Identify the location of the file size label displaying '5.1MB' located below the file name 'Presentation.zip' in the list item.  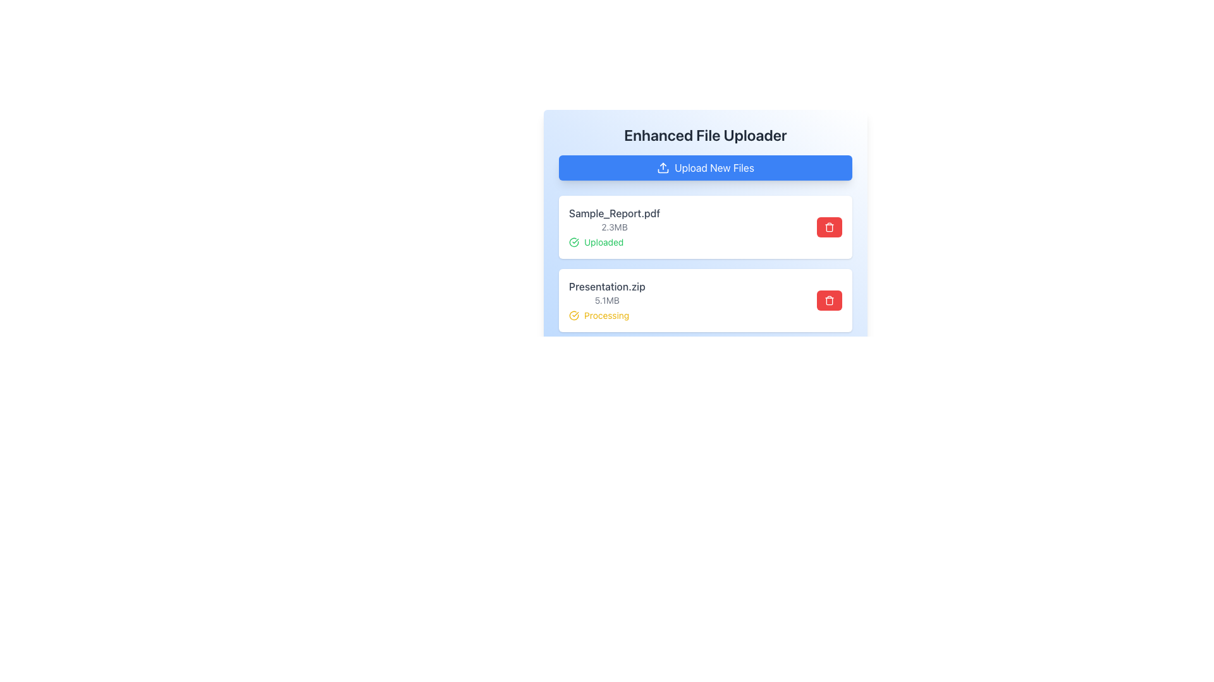
(607, 300).